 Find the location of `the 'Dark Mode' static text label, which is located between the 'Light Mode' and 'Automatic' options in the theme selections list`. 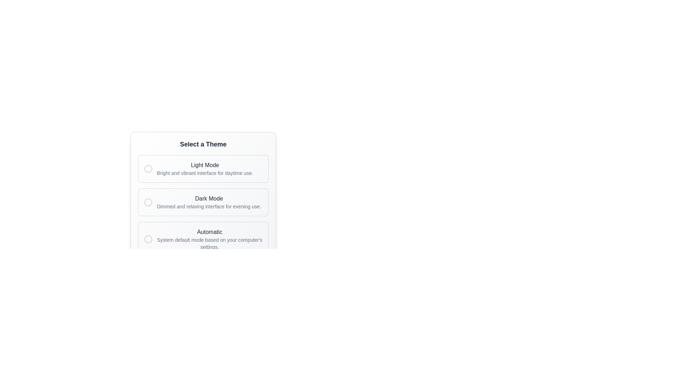

the 'Dark Mode' static text label, which is located between the 'Light Mode' and 'Automatic' options in the theme selections list is located at coordinates (208, 199).